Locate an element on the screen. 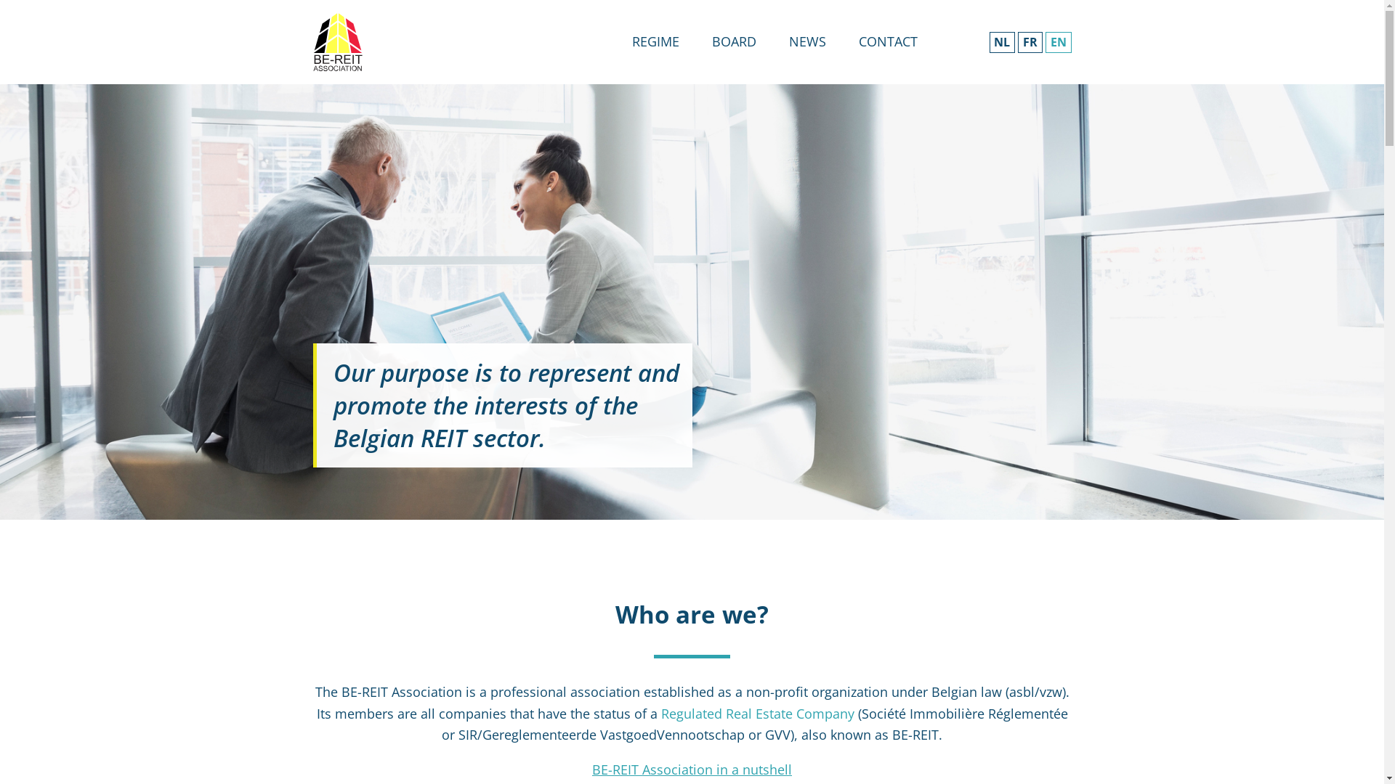 The width and height of the screenshot is (1395, 784). 'BE-REIT Association in a nutshell' is located at coordinates (691, 769).